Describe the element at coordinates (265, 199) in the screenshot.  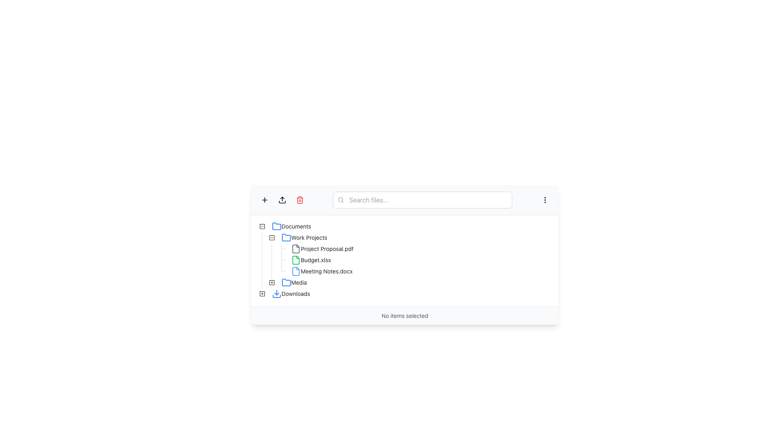
I see `the square-shaped button with a plus icon located in the top left of the interface` at that location.